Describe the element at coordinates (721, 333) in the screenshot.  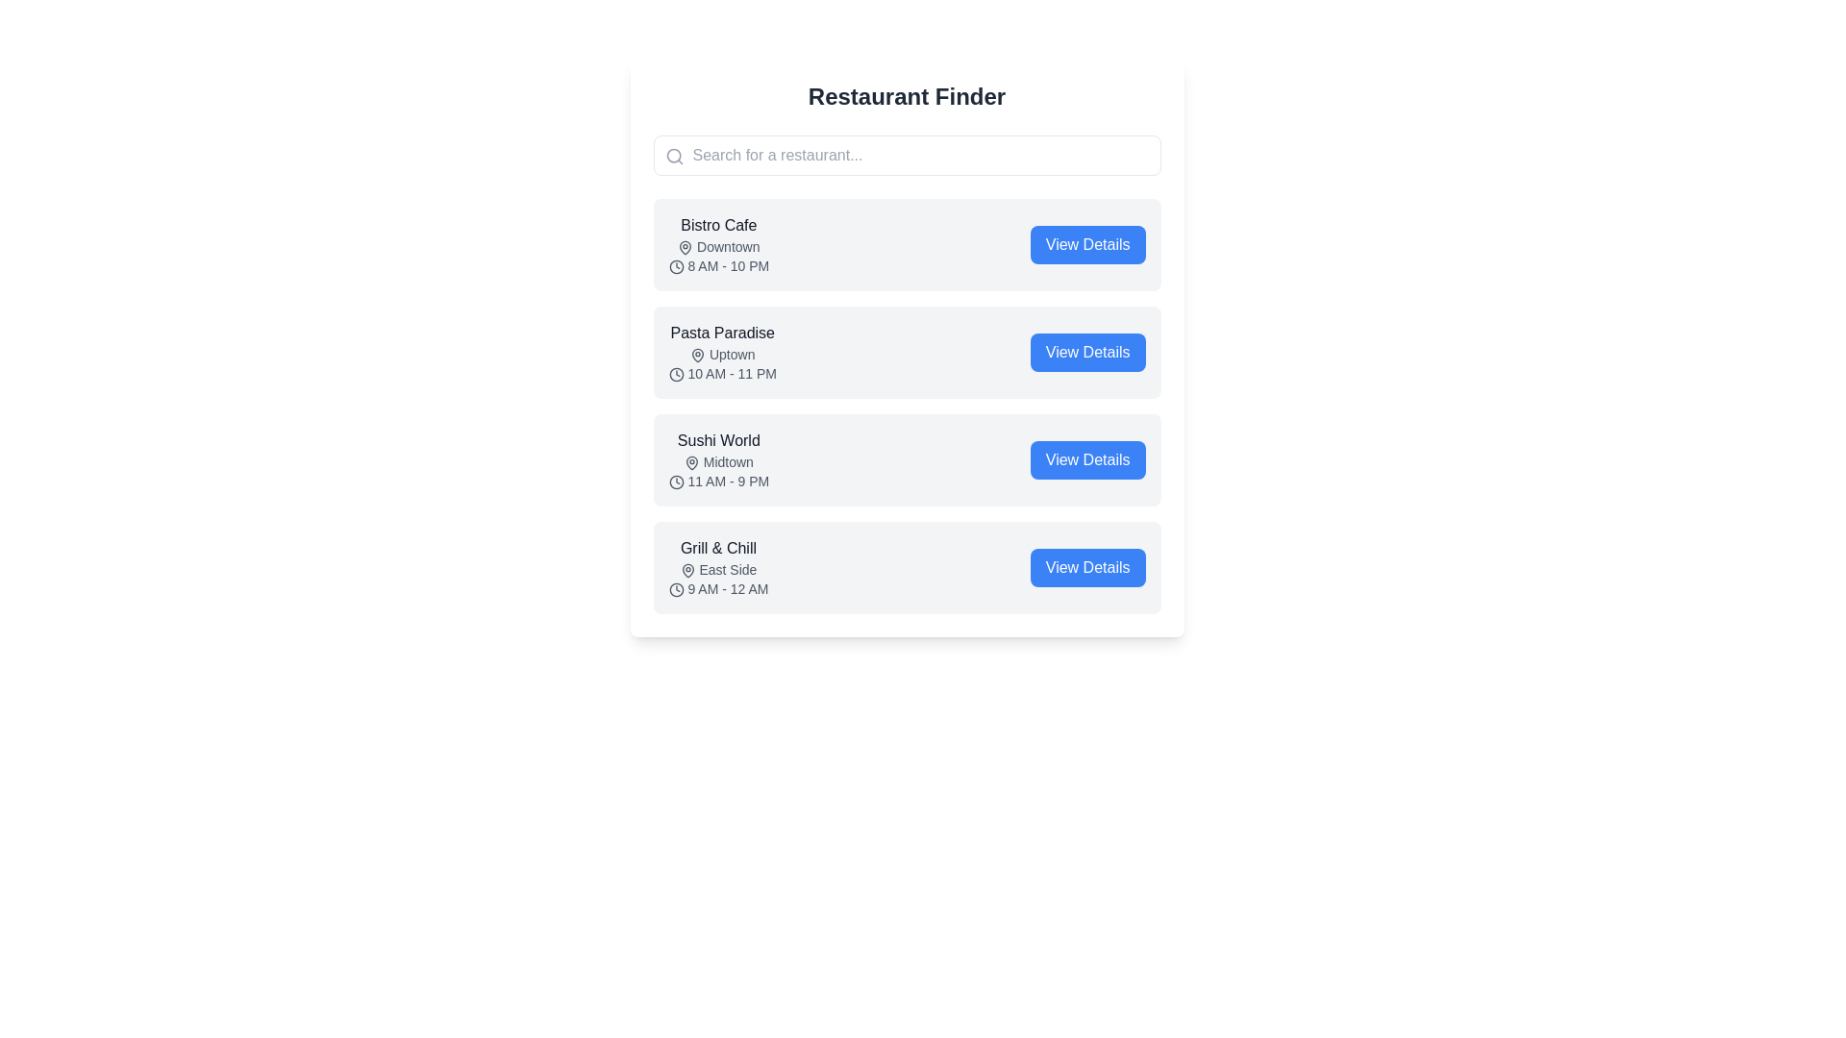
I see `the static text label 'Pasta Paradise' which serves as the title of the restaurant in the list` at that location.